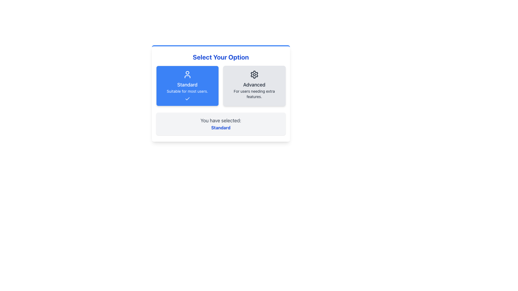 This screenshot has width=518, height=291. Describe the element at coordinates (221, 86) in the screenshot. I see `the Standard option in the Interactive selection group located below the 'Select Your Option' title` at that location.